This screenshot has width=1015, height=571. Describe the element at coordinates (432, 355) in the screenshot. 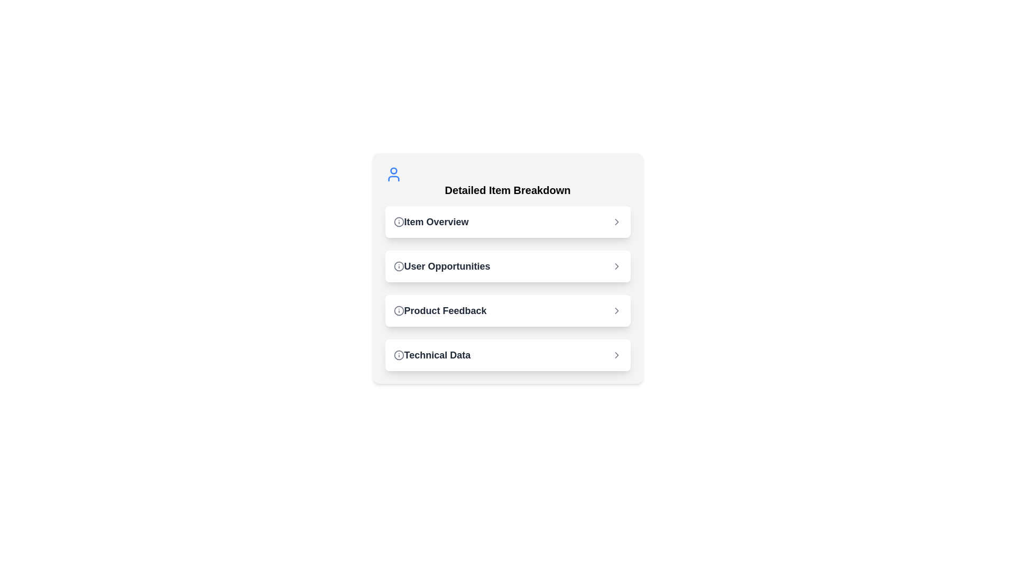

I see `the 'Technical Data' text label, which is the fourth item in a vertical list of sections` at that location.